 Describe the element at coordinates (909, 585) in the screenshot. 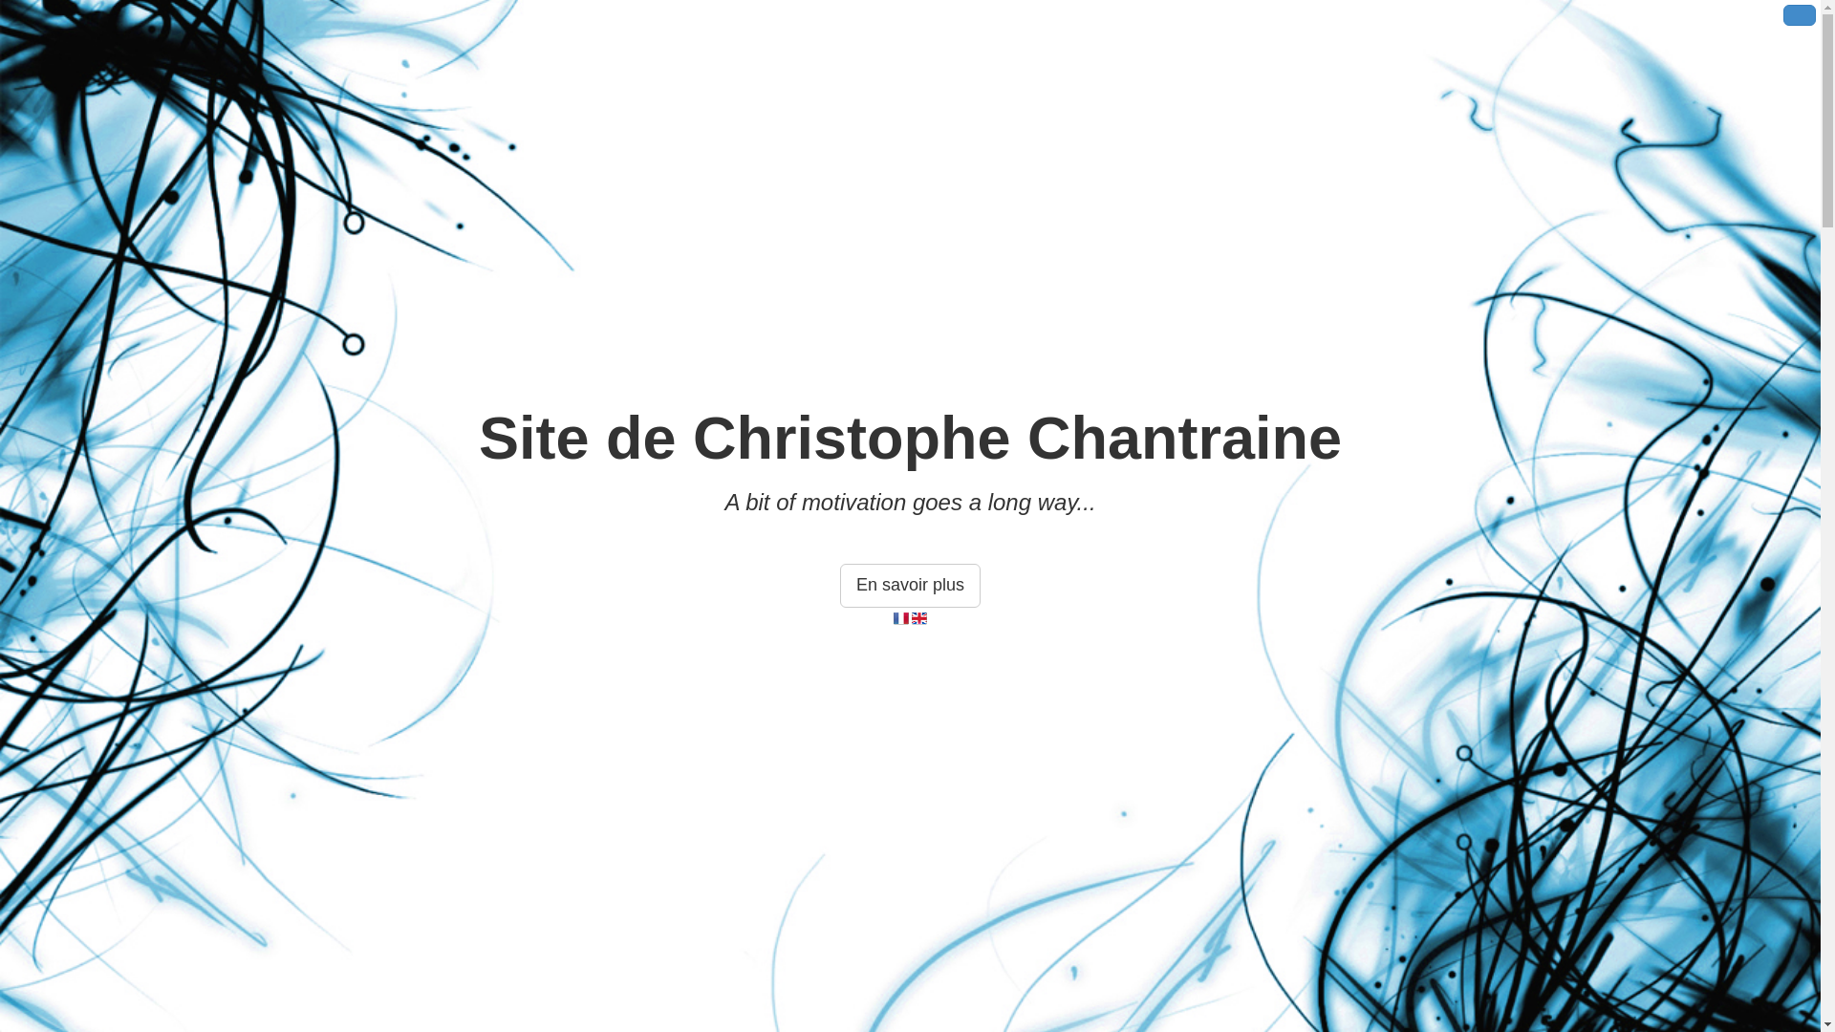

I see `'En savoir plus'` at that location.